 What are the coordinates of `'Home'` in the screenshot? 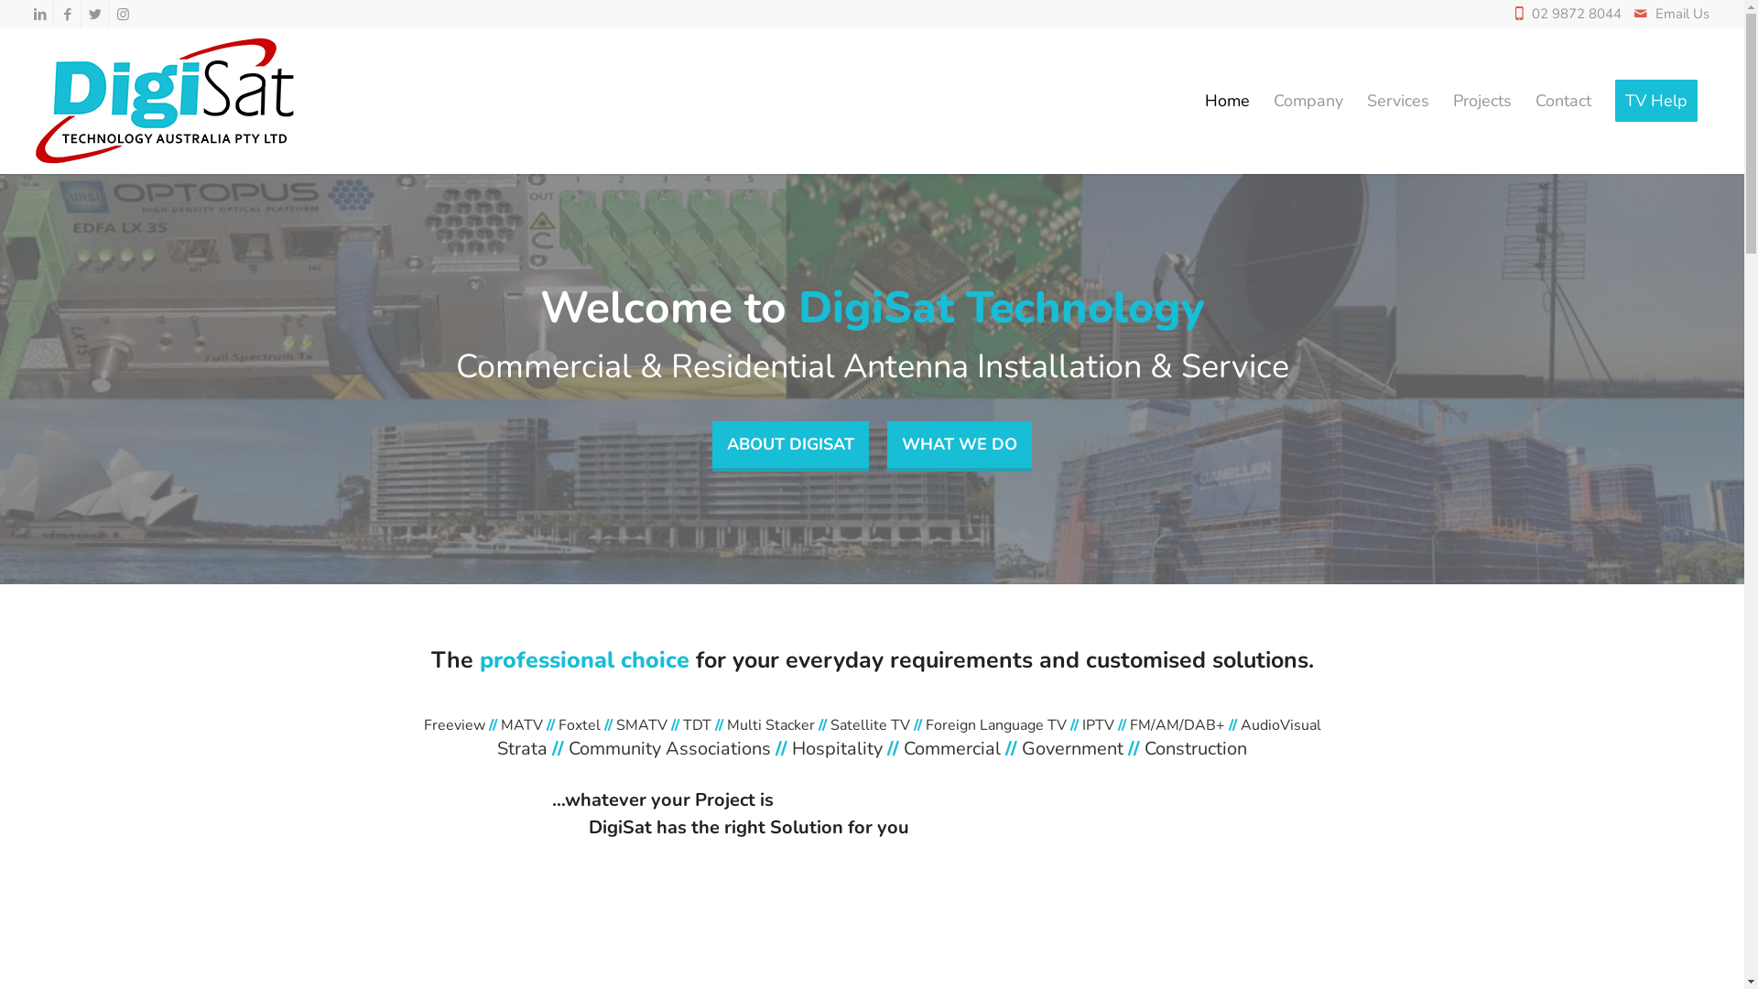 It's located at (1227, 101).